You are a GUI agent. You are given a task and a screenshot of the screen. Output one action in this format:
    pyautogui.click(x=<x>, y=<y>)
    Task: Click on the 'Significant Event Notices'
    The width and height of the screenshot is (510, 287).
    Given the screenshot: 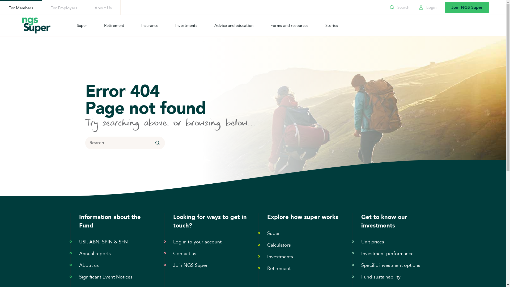 What is the action you would take?
    pyautogui.click(x=106, y=277)
    